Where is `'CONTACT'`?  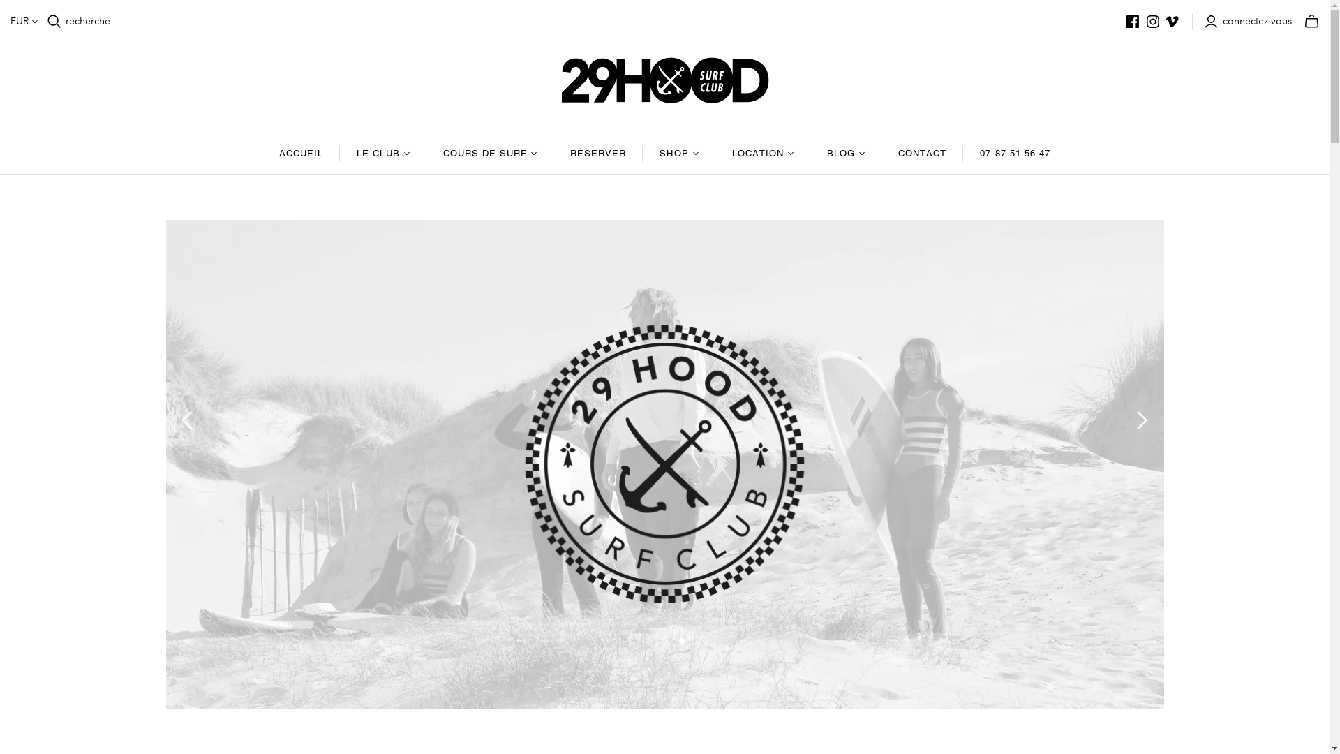
'CONTACT' is located at coordinates (922, 153).